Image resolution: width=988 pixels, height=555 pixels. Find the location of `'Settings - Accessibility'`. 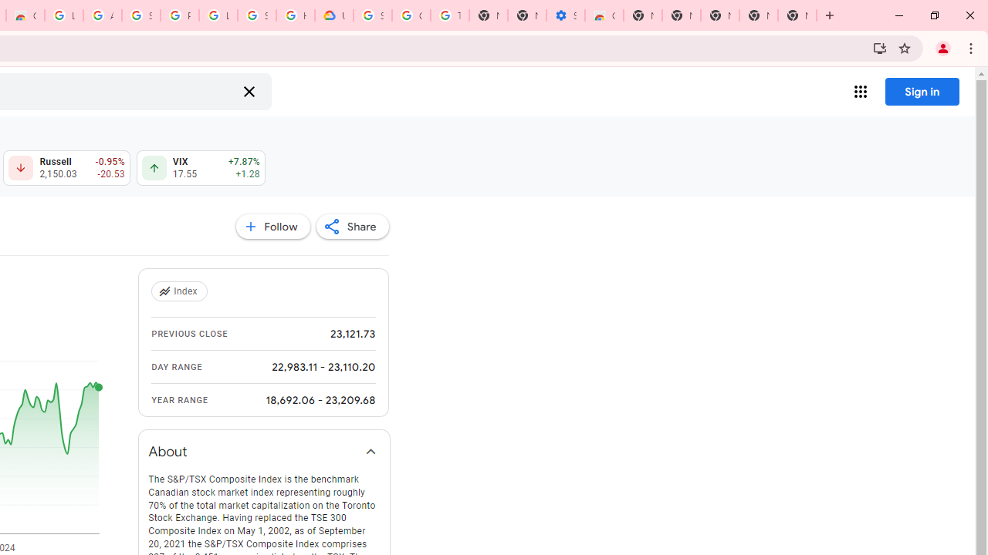

'Settings - Accessibility' is located at coordinates (564, 15).